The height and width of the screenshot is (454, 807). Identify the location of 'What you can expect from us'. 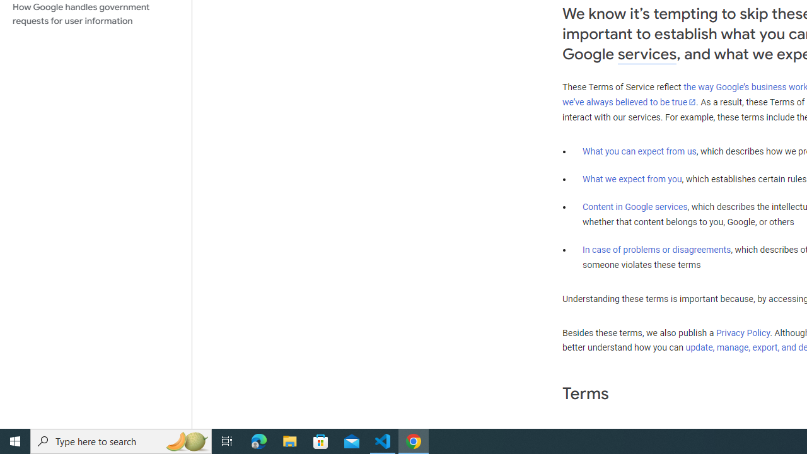
(639, 151).